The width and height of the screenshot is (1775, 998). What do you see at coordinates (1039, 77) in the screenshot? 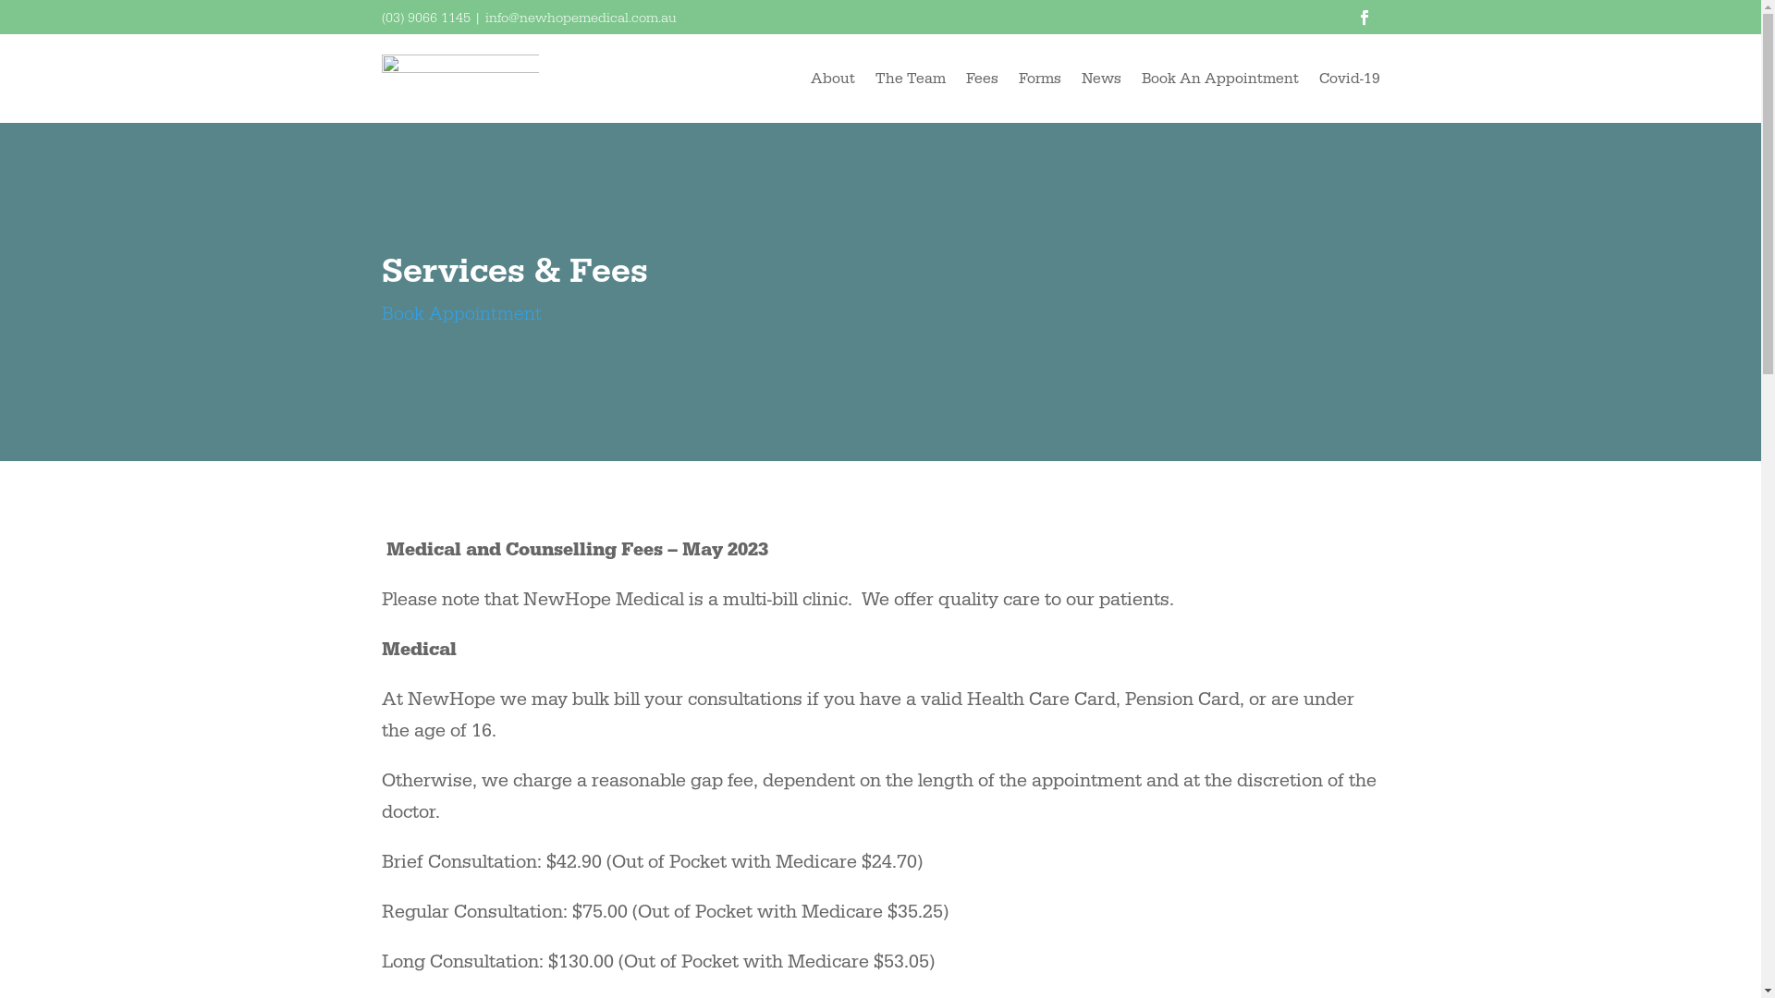
I see `'Forms'` at bounding box center [1039, 77].